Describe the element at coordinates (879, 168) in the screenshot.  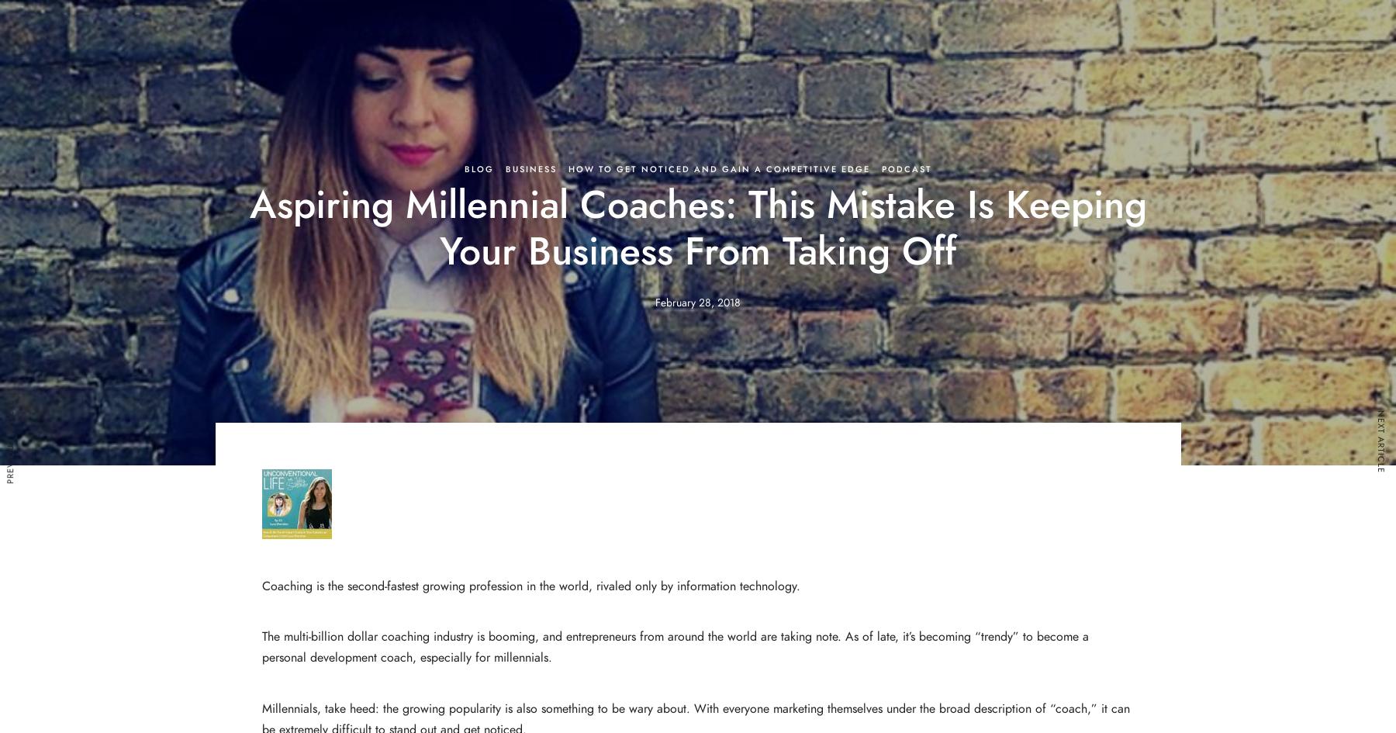
I see `'Podcast'` at that location.